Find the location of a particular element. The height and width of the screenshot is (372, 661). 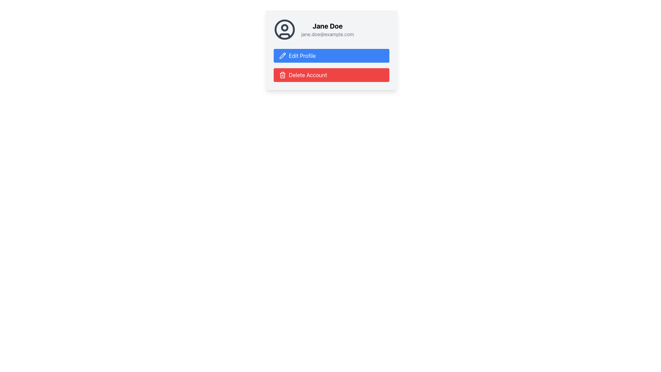

the graphic circle element that is part of the user avatar icon, located within the user profile card is located at coordinates (284, 29).